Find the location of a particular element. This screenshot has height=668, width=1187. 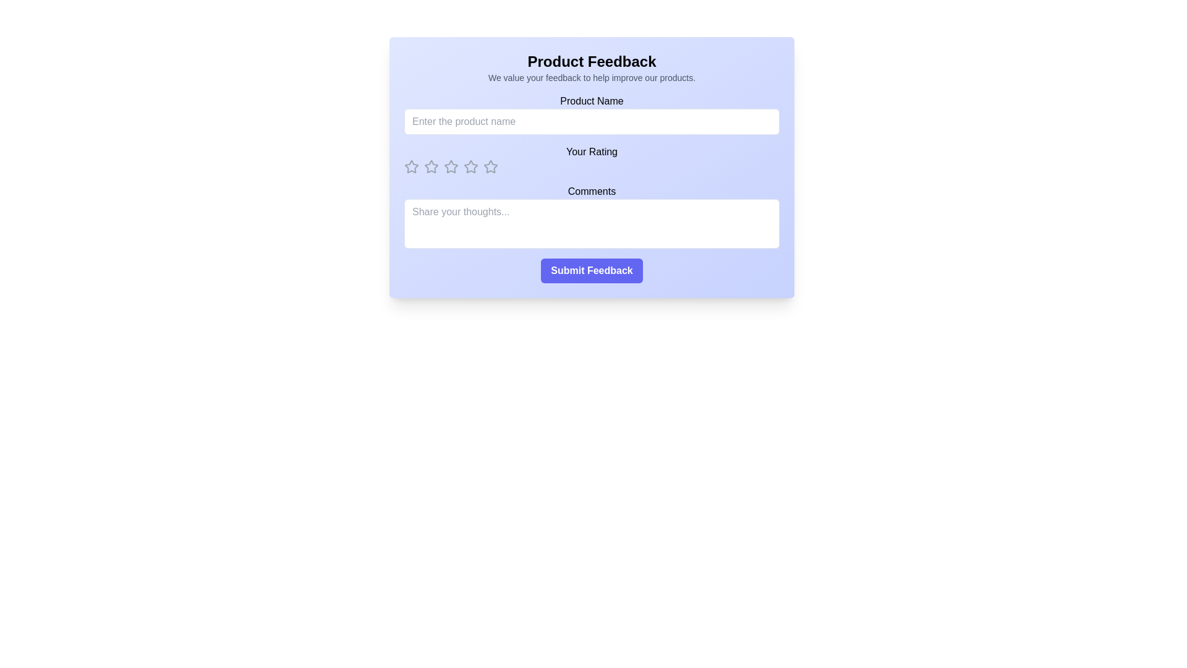

the 6th star icon in the horizontal sequence under the 'Your Rating' label to assign a rating is located at coordinates (490, 167).